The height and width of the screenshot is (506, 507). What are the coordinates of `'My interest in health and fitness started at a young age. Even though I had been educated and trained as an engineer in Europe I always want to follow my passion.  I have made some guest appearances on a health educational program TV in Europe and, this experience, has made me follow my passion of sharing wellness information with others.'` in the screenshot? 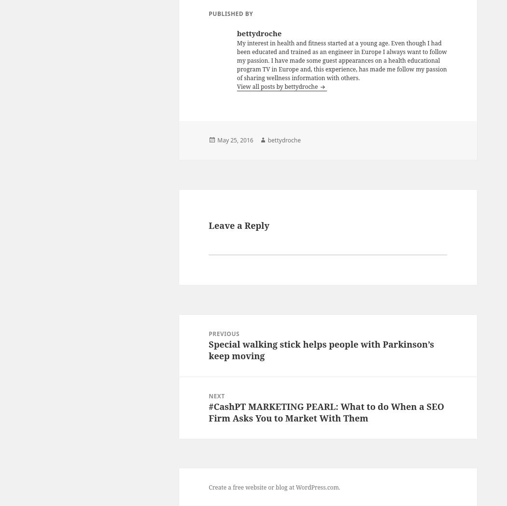 It's located at (341, 59).